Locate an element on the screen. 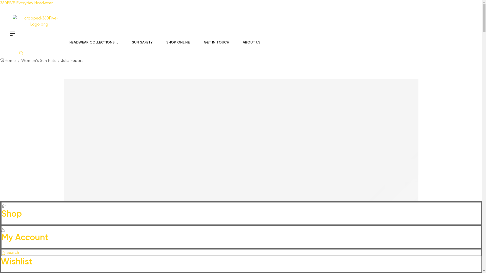 The width and height of the screenshot is (486, 273). 'Menu' is located at coordinates (12, 33).